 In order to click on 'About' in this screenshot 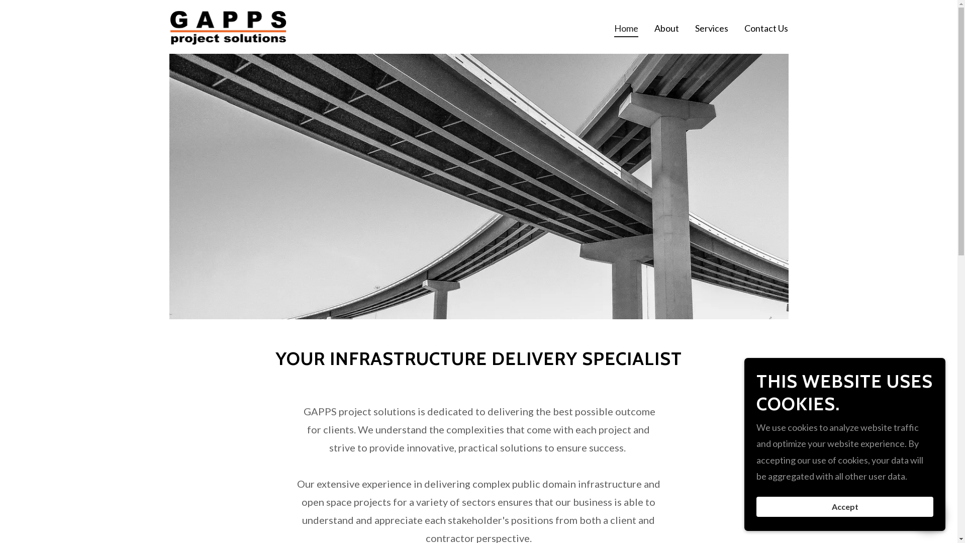, I will do `click(666, 27)`.